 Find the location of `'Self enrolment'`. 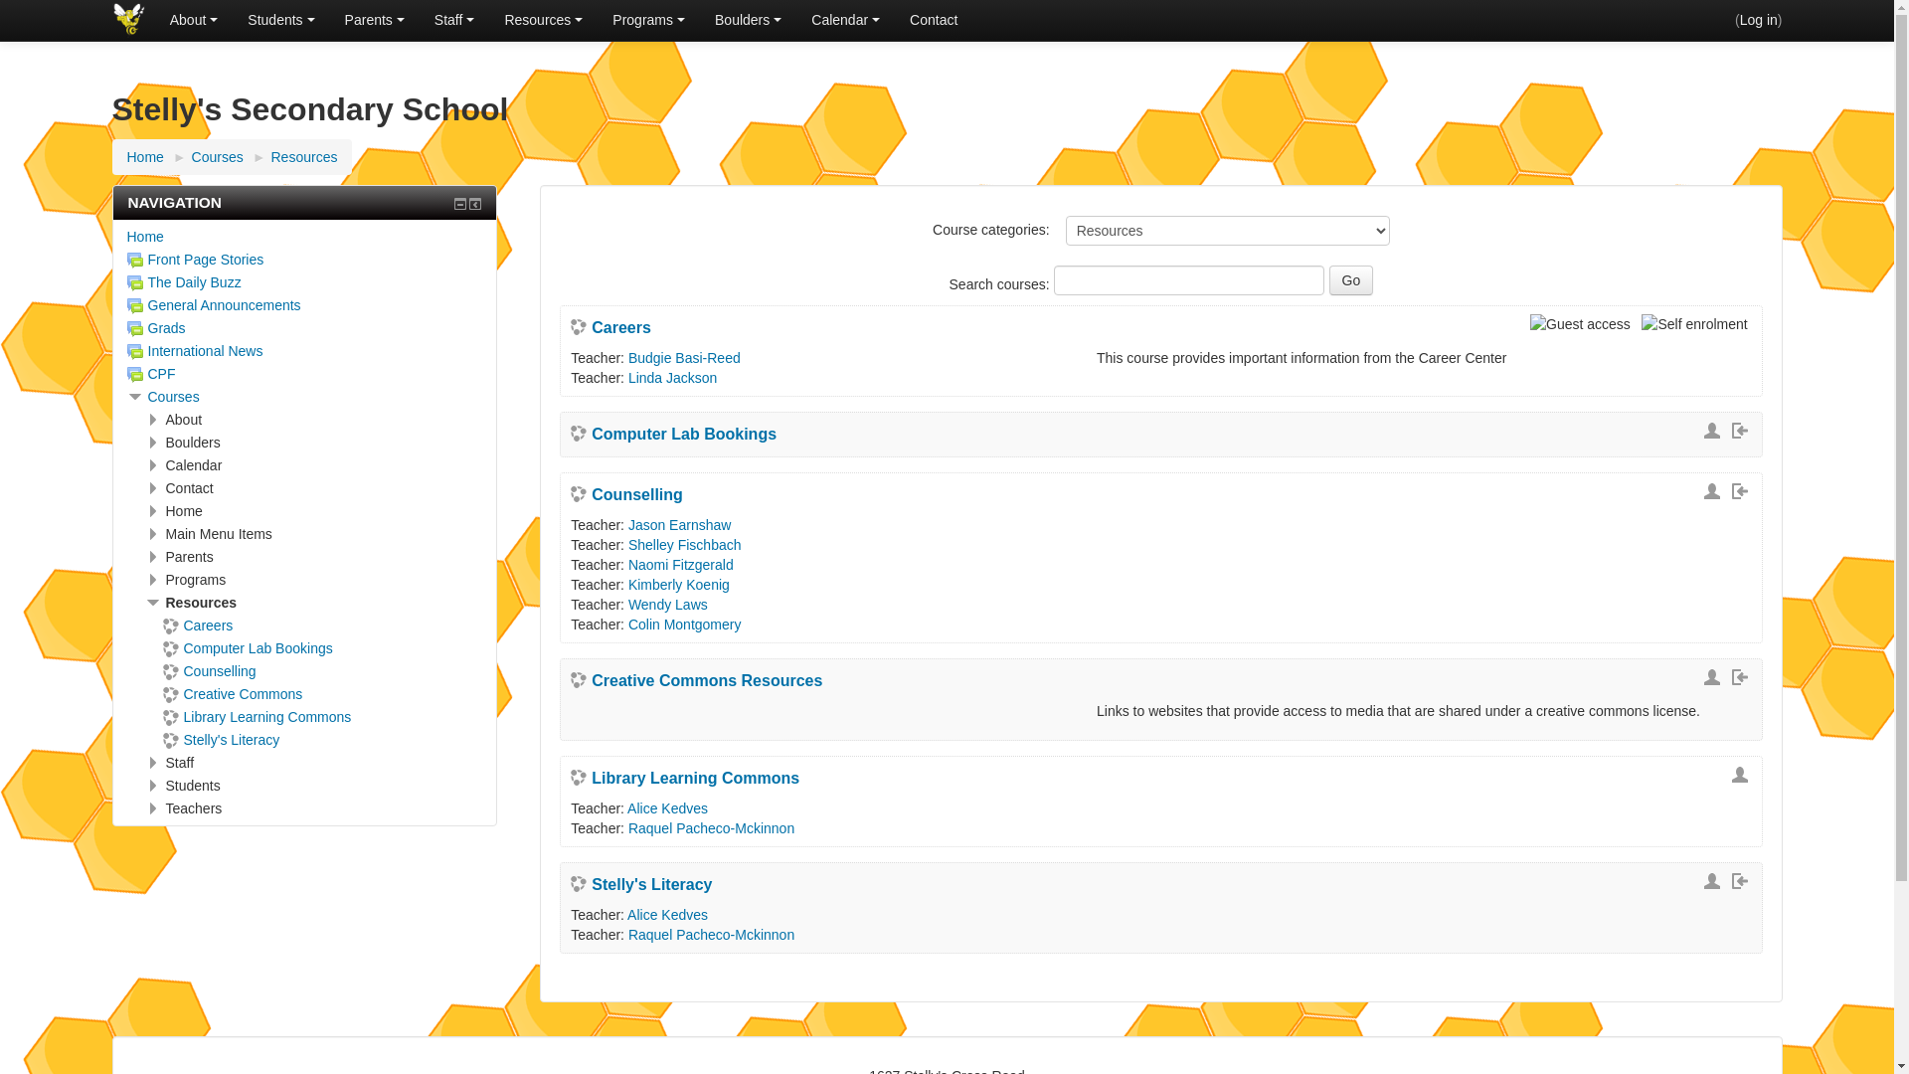

'Self enrolment' is located at coordinates (1642, 323).